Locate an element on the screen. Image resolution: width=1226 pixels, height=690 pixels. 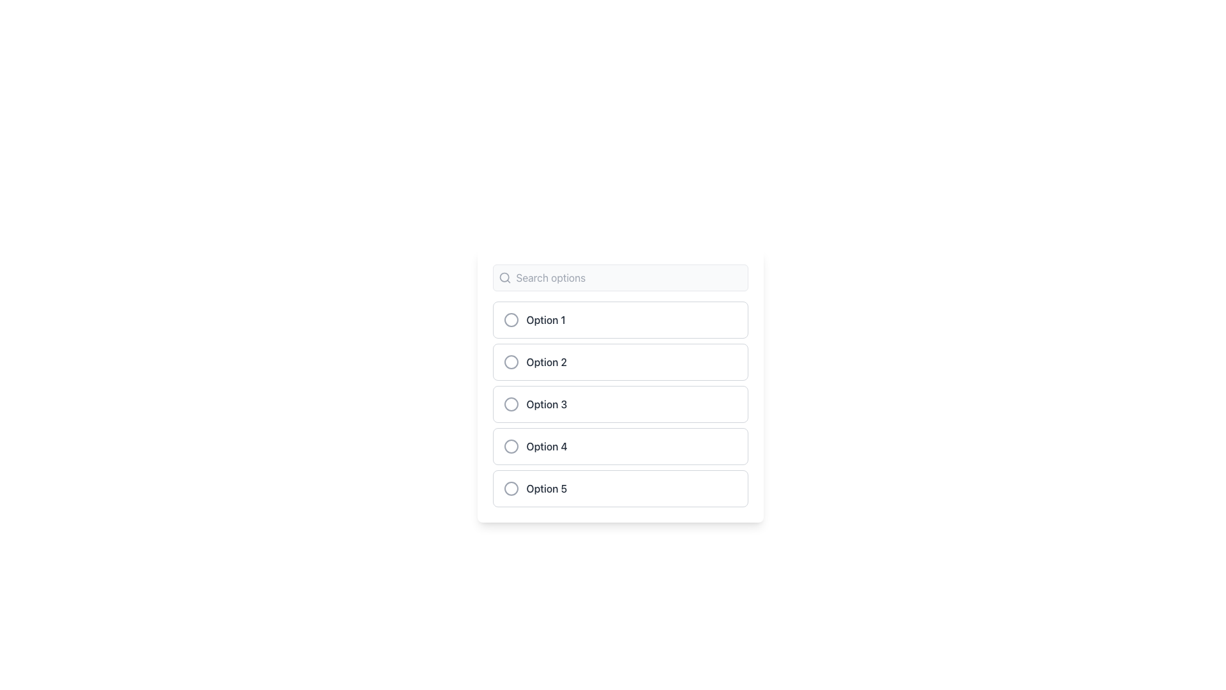
the unselected radio button located to the left of 'Option 5' is located at coordinates (511, 488).